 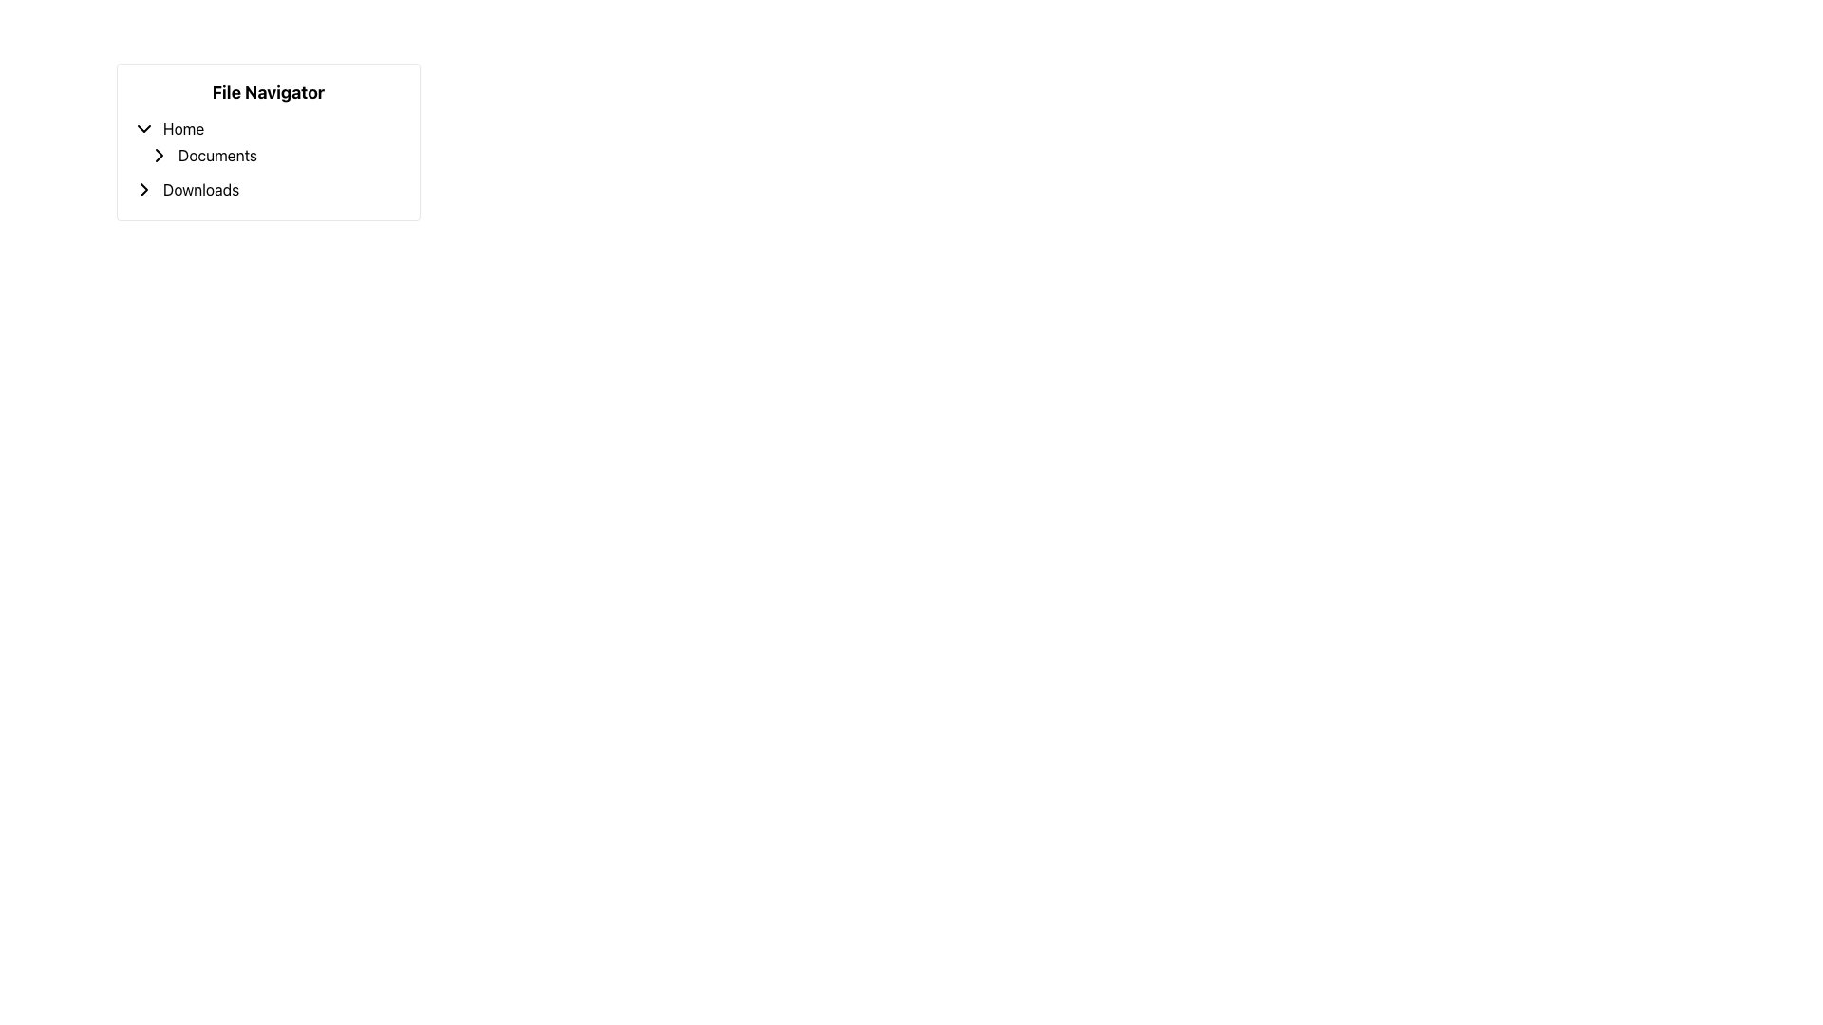 I want to click on the black chevron-right icon located immediately left of the 'Documents' label in the file navigator, so click(x=160, y=155).